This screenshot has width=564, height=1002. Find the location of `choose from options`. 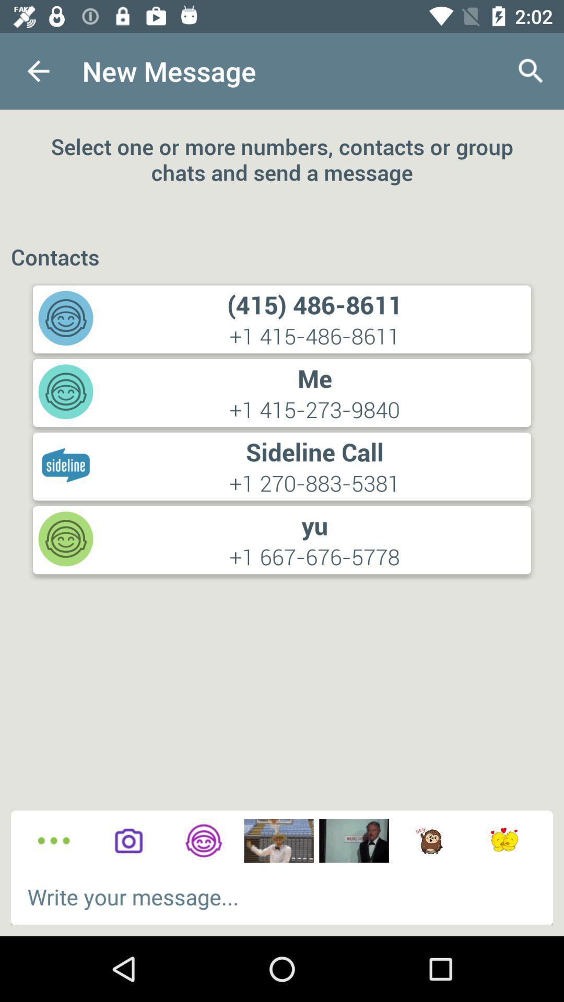

choose from options is located at coordinates (54, 841).